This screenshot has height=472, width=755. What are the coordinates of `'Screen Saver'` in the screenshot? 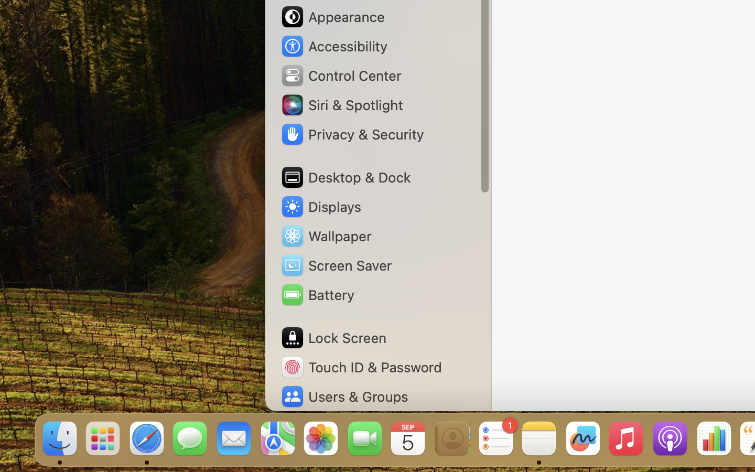 It's located at (335, 264).